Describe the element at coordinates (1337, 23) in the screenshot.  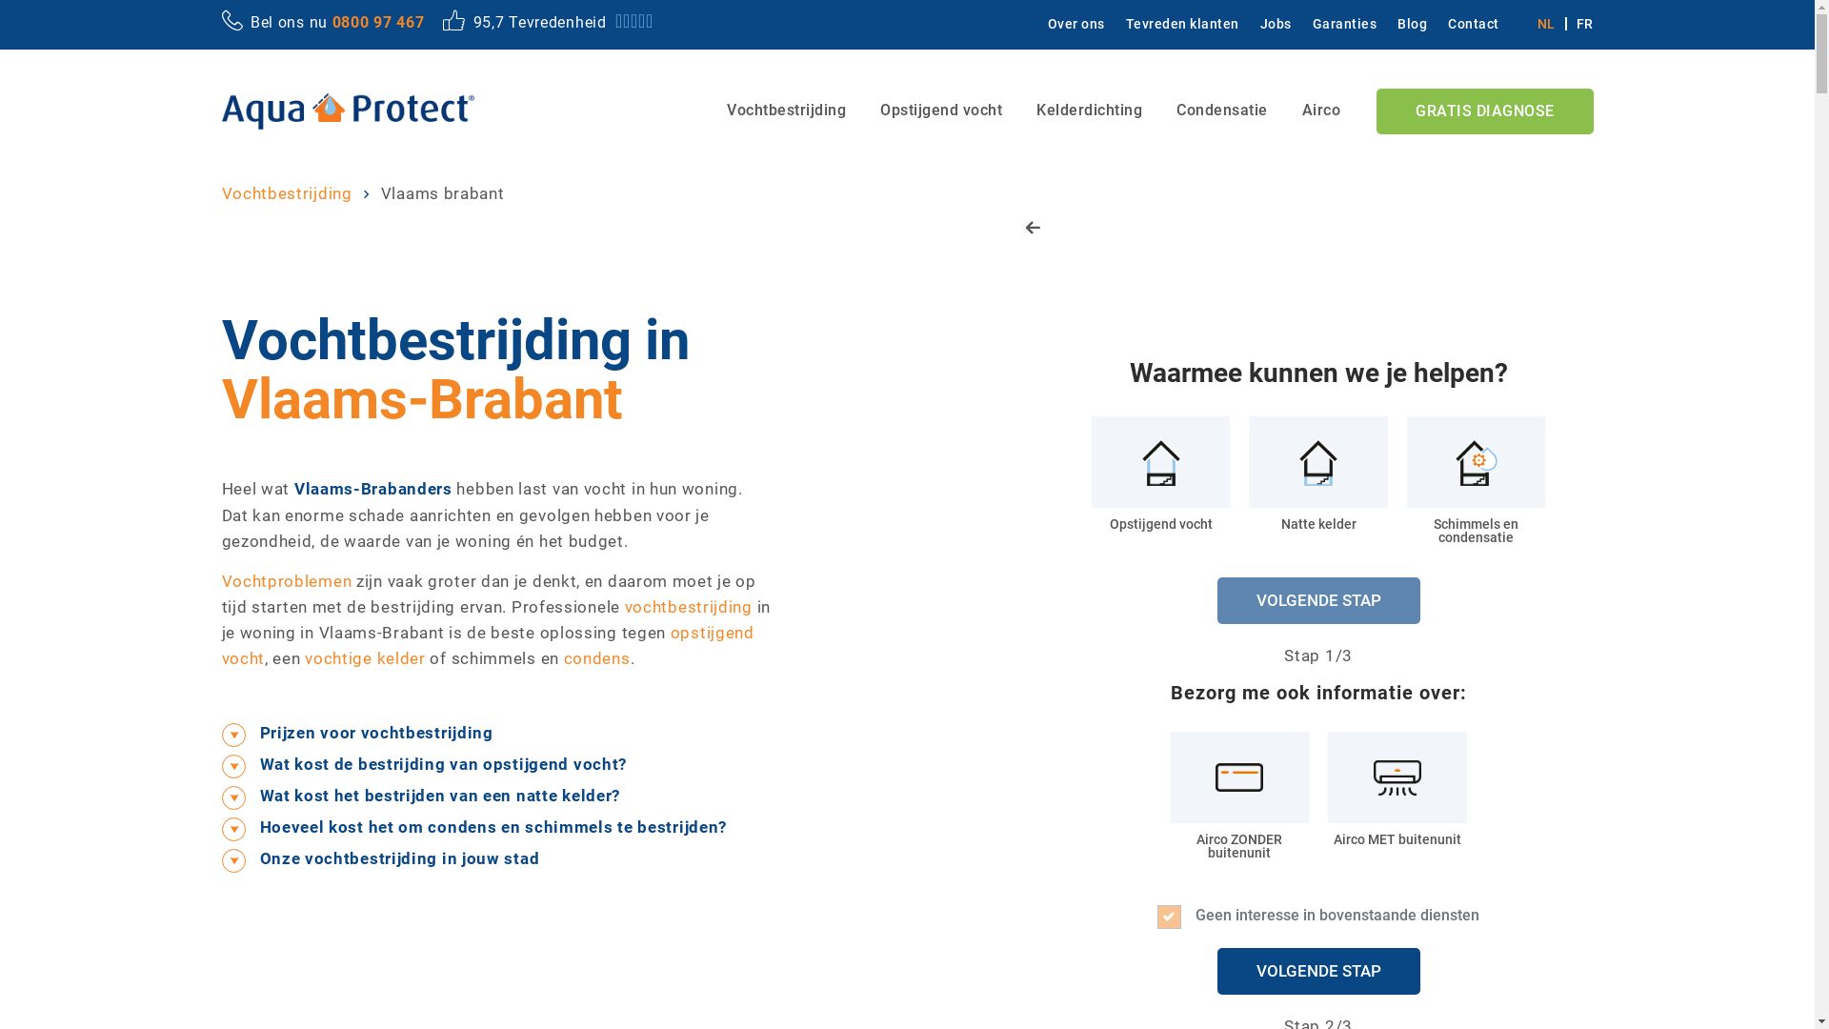
I see `'Garanties'` at that location.